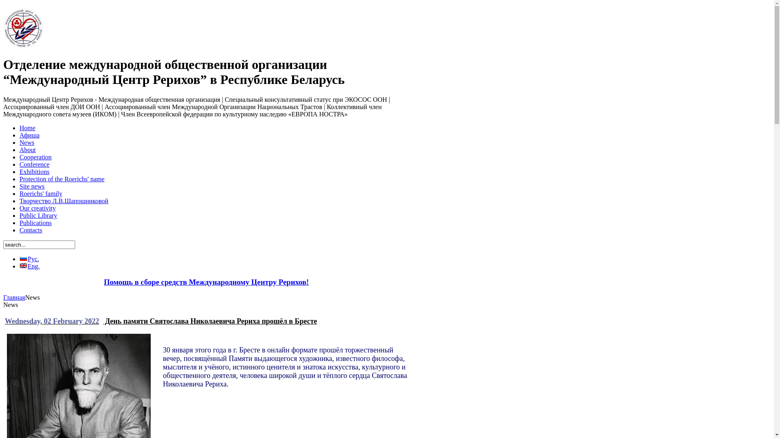 The image size is (780, 438). Describe the element at coordinates (23, 266) in the screenshot. I see `'Eng.'` at that location.